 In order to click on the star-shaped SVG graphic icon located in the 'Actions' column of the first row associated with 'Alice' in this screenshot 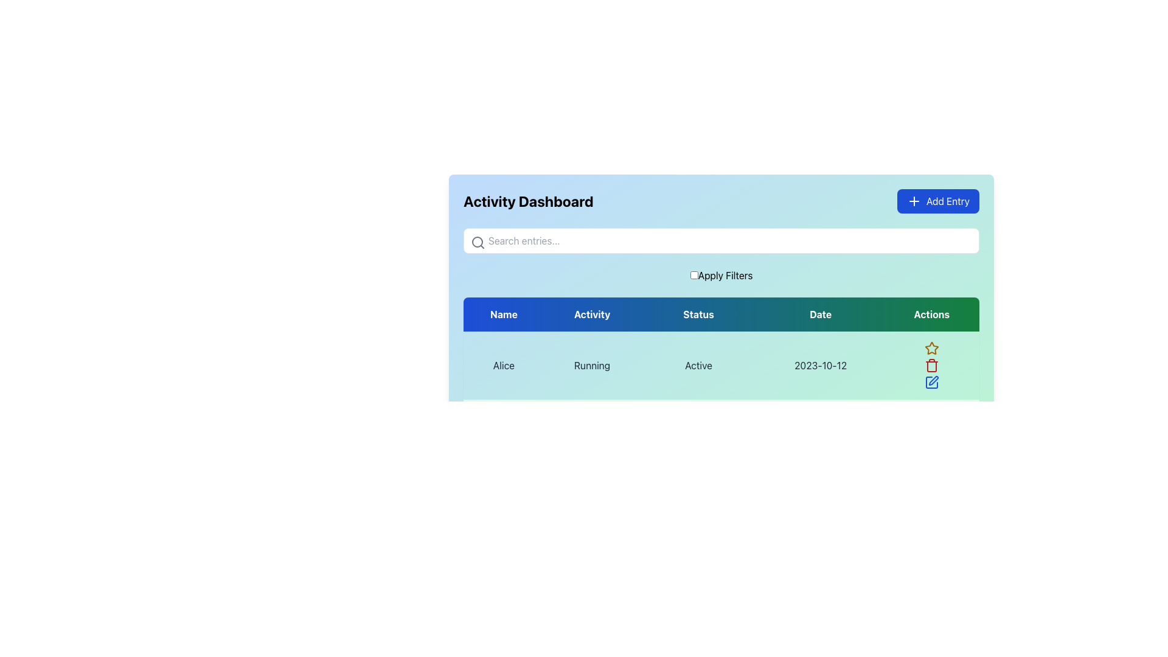, I will do `click(931, 348)`.